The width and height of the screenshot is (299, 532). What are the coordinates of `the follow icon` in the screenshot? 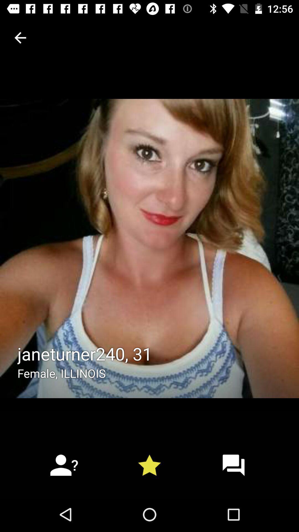 It's located at (65, 465).